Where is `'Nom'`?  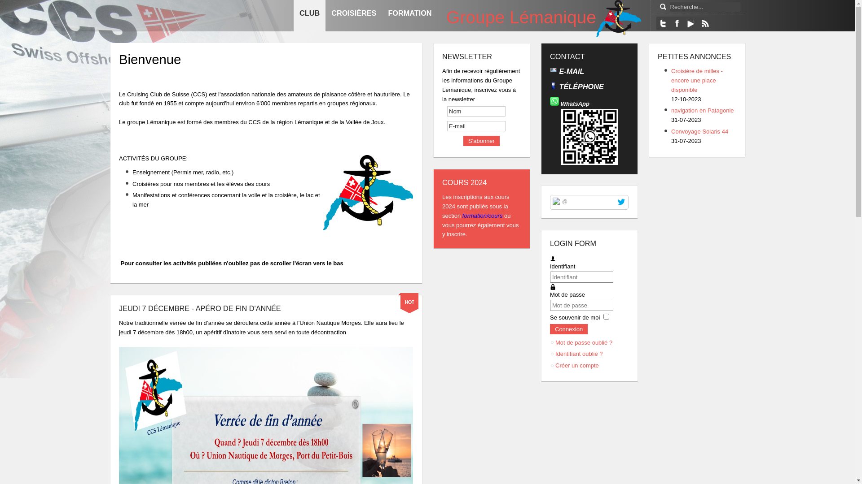
'Nom' is located at coordinates (475, 111).